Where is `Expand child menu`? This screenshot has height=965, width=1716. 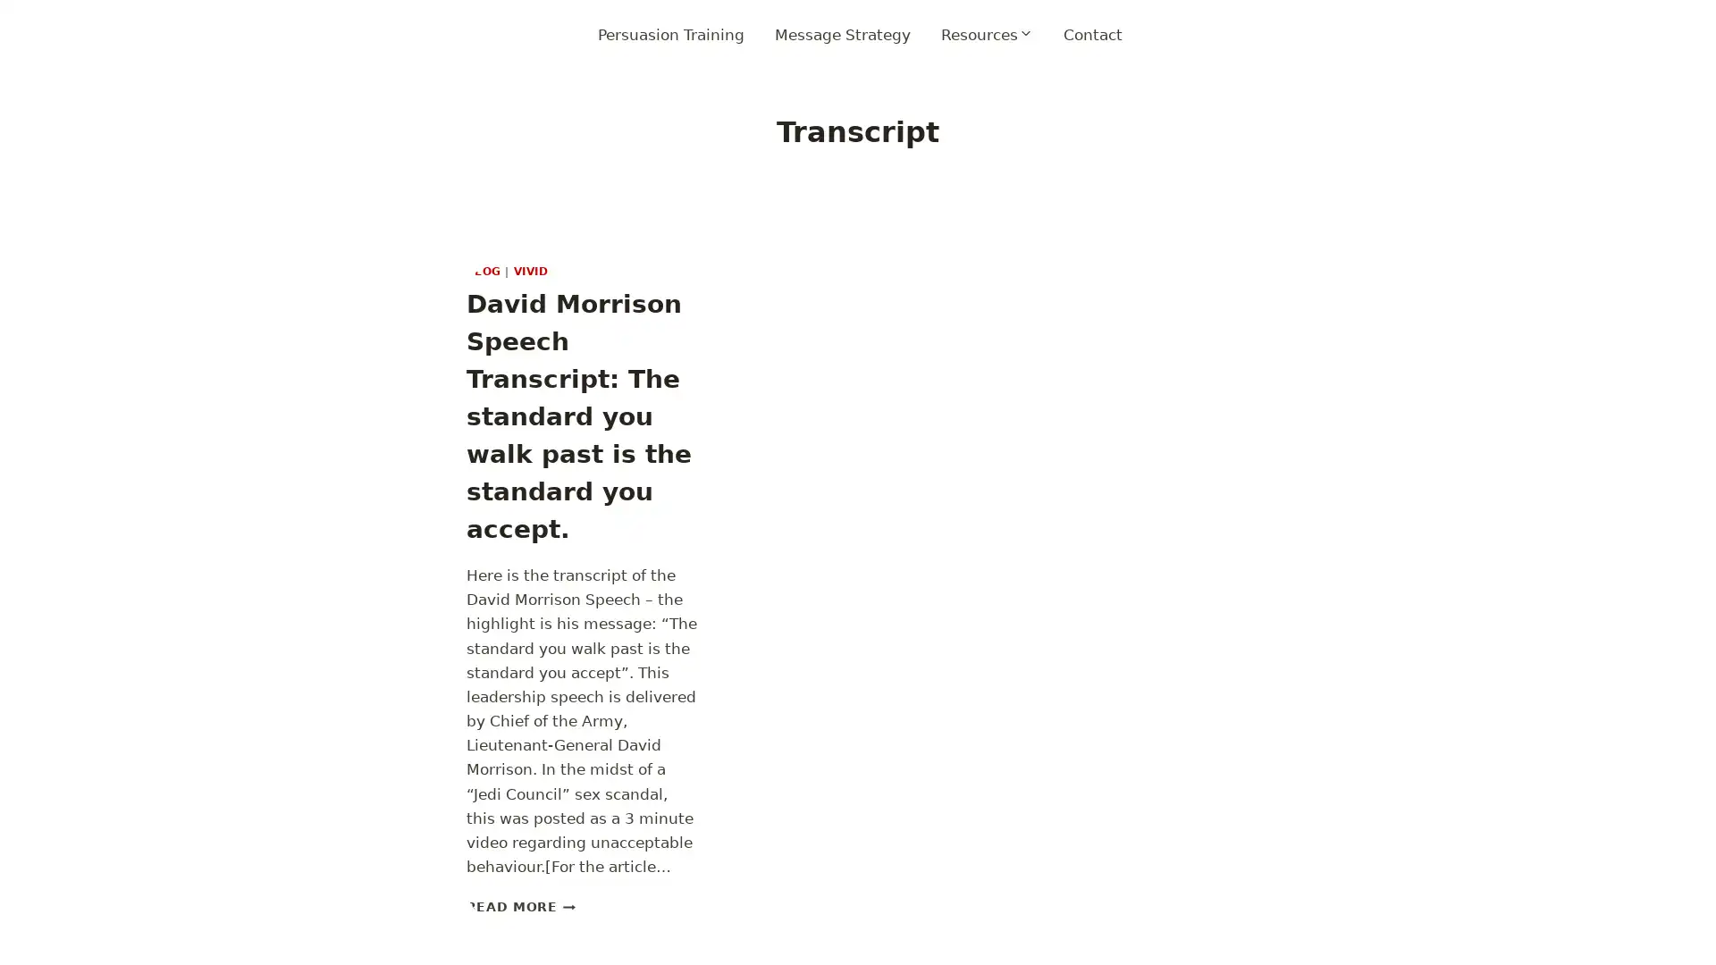
Expand child menu is located at coordinates (985, 35).